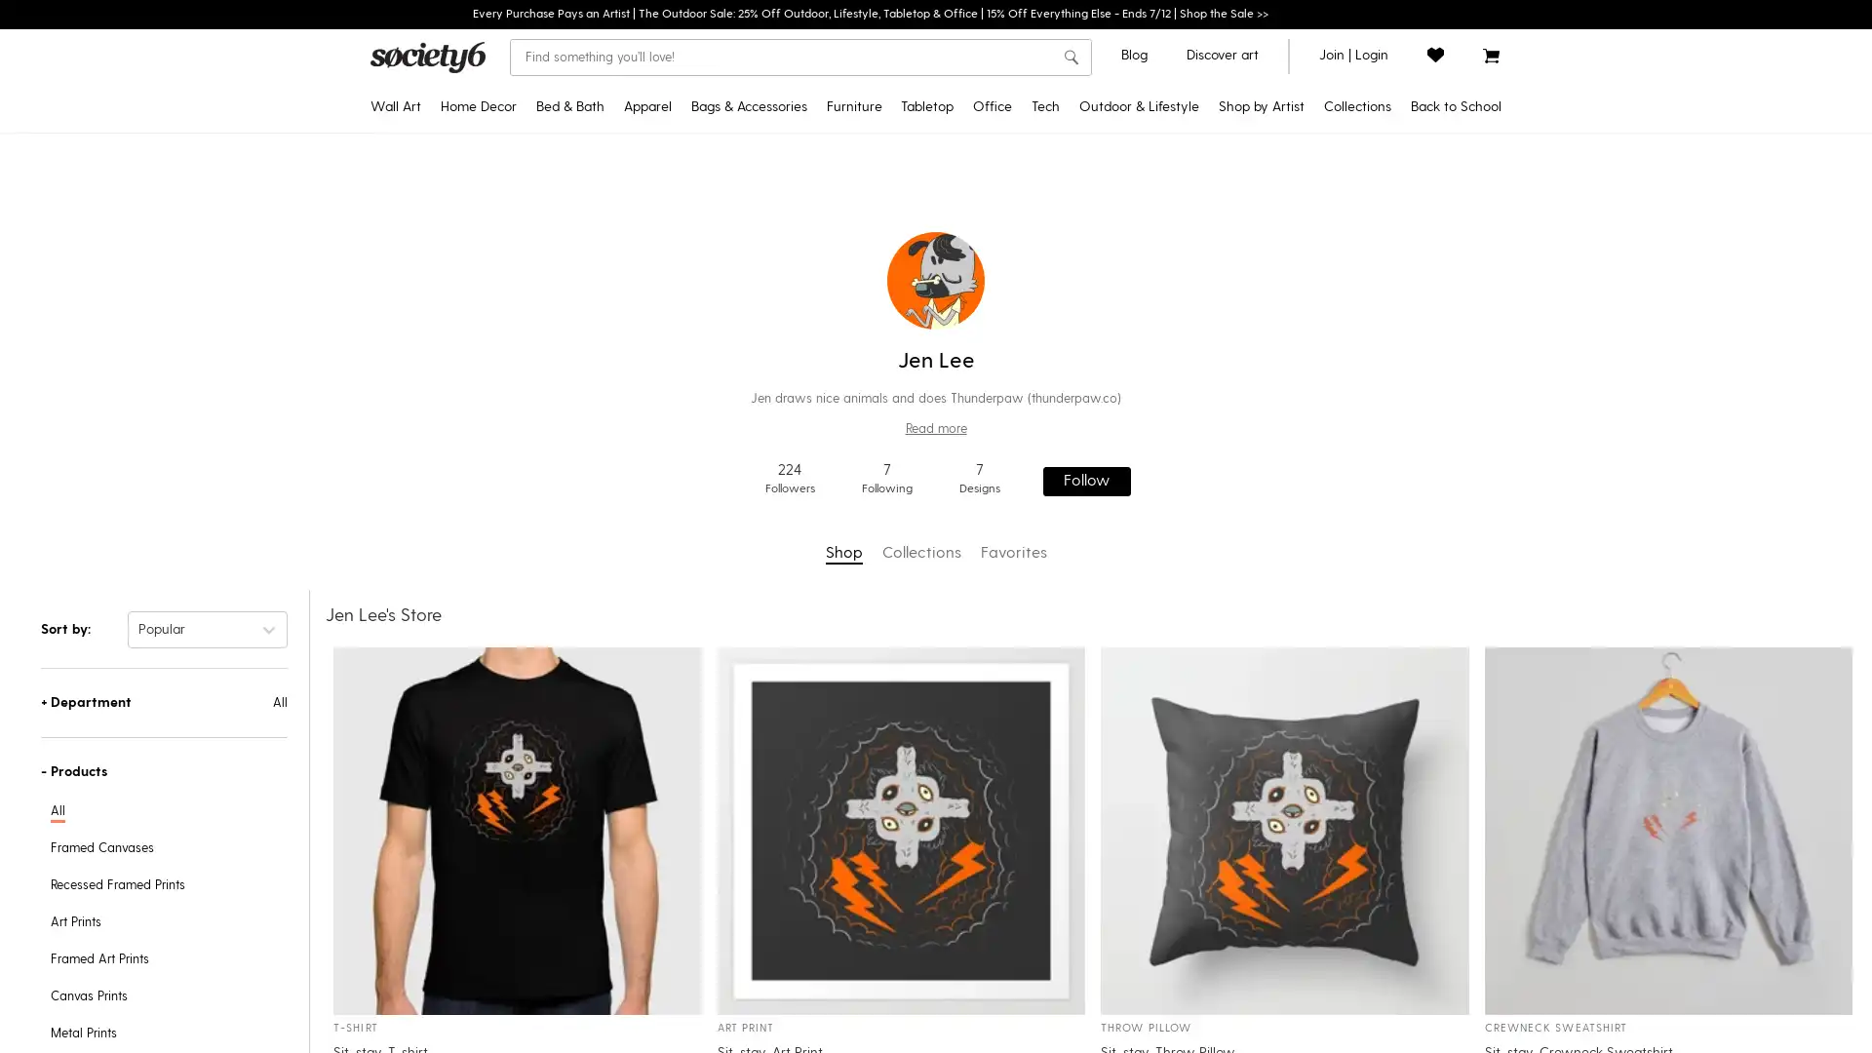 This screenshot has width=1872, height=1053. I want to click on Bed & Bath, so click(568, 107).